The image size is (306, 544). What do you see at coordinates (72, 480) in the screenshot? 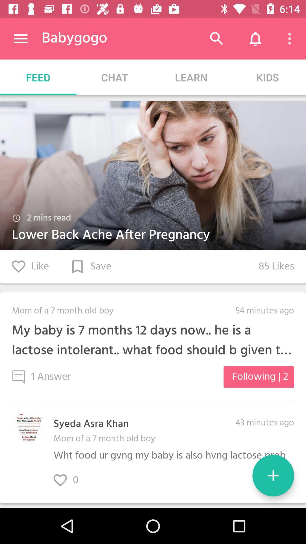
I see `0 icon` at bounding box center [72, 480].